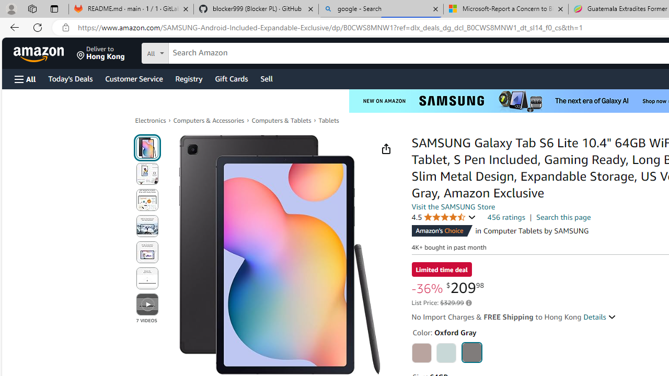 This screenshot has height=376, width=669. What do you see at coordinates (422, 352) in the screenshot?
I see `'Chiffon Pink'` at bounding box center [422, 352].